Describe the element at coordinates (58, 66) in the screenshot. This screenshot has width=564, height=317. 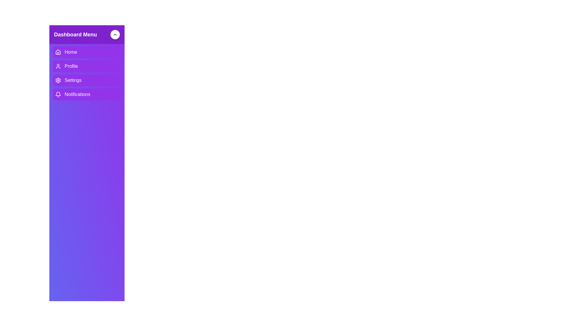
I see `the 'Profile' icon in the navigation panel` at that location.